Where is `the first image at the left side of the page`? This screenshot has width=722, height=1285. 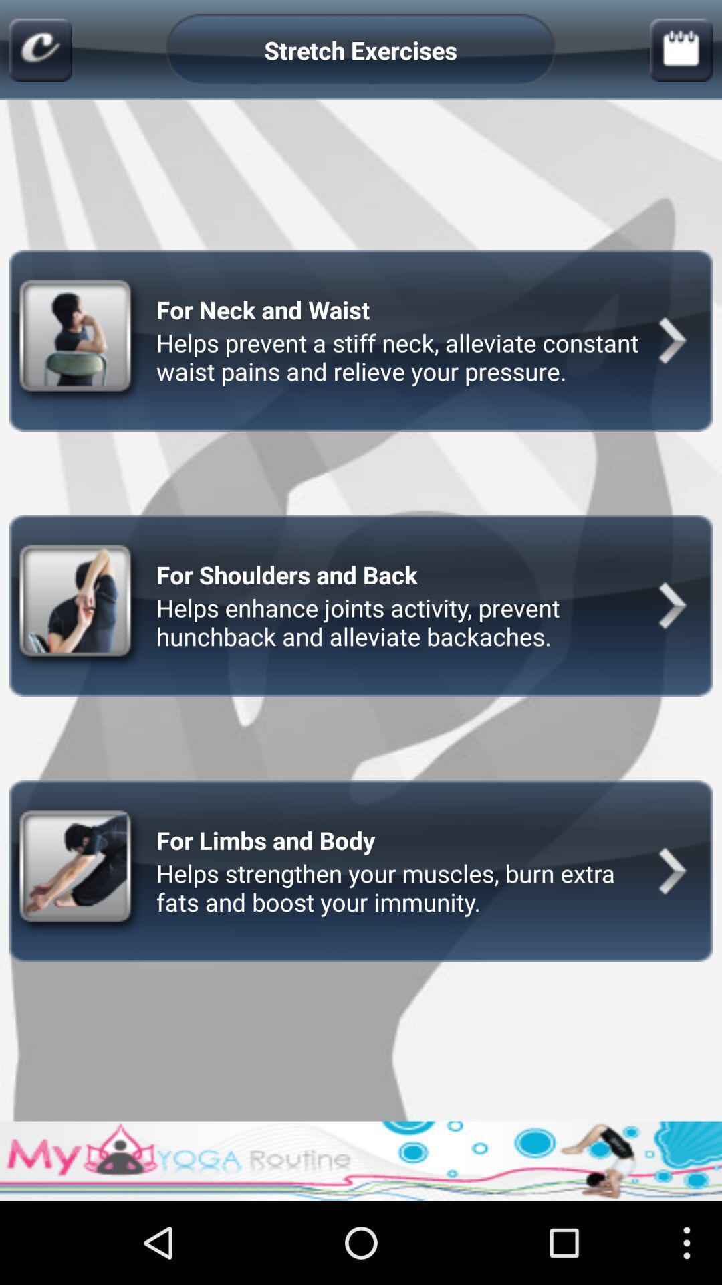
the first image at the left side of the page is located at coordinates (79, 340).